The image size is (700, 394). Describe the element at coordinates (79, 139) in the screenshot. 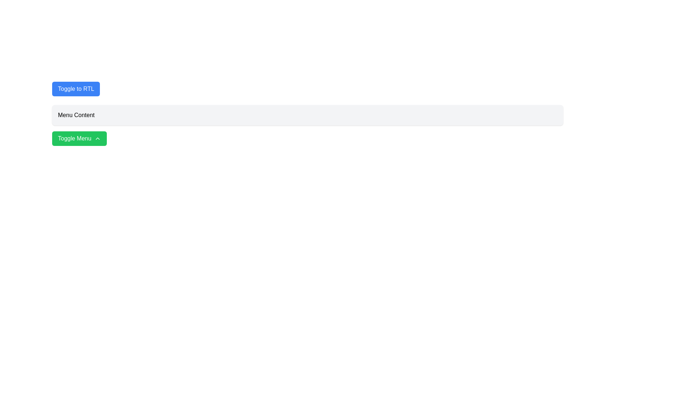

I see `the button located below the 'Menu Content' text` at that location.